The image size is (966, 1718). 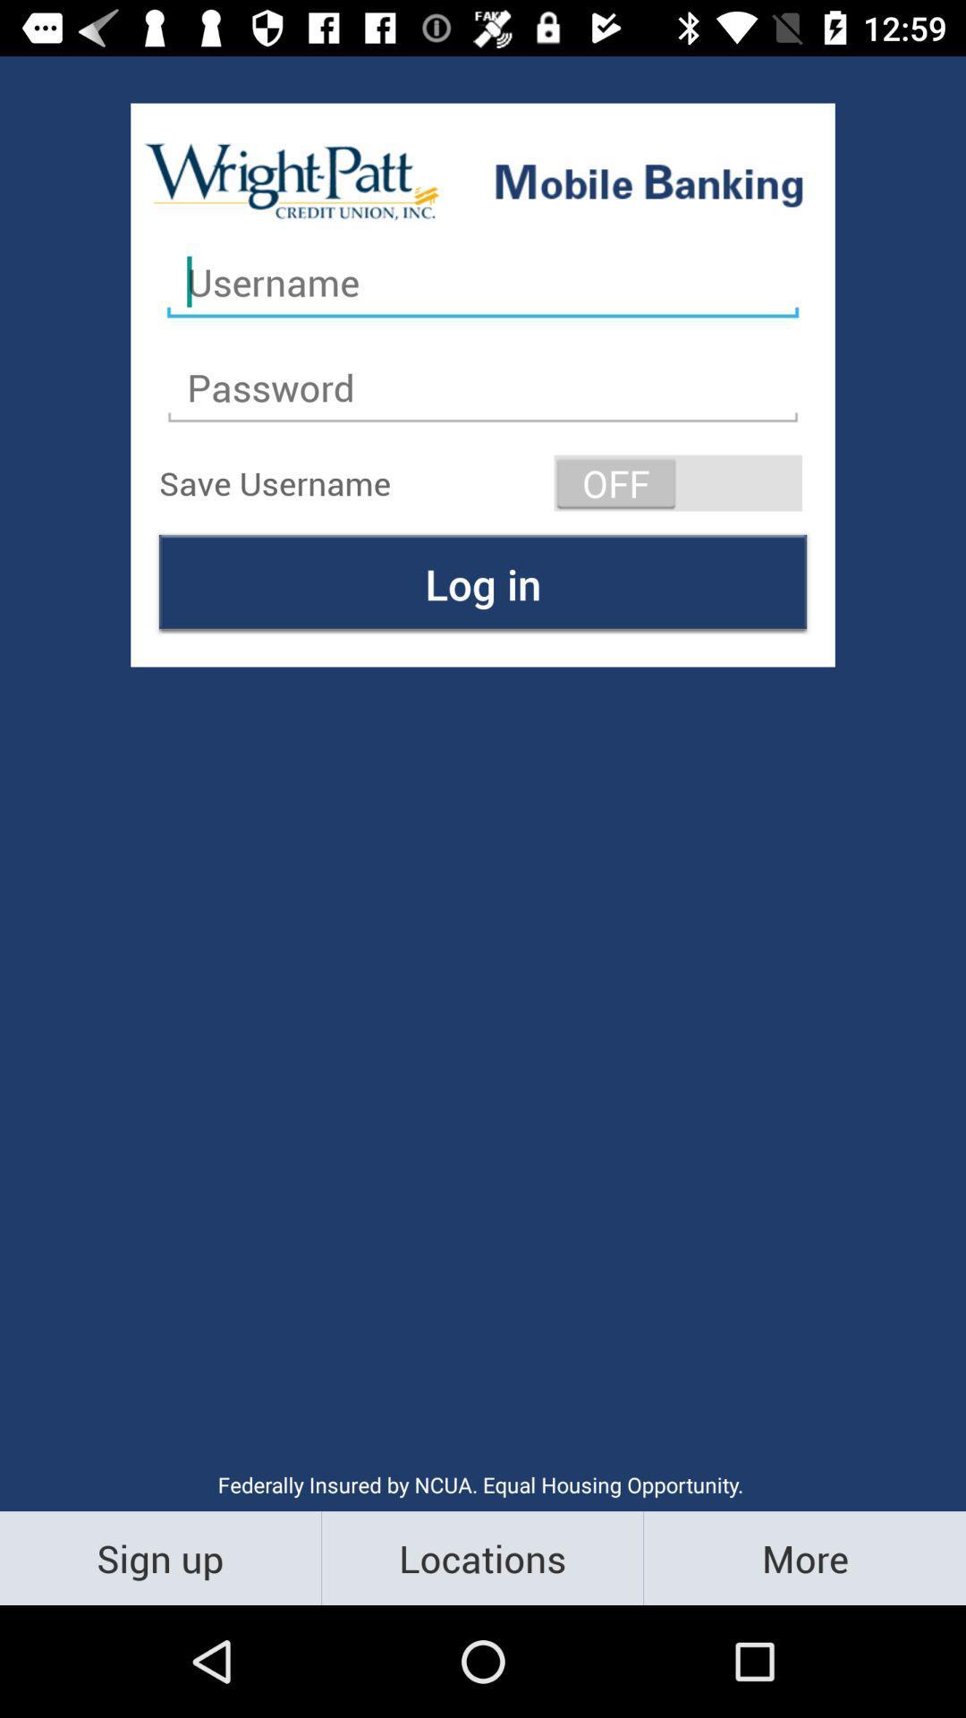 I want to click on the locations, so click(x=481, y=1557).